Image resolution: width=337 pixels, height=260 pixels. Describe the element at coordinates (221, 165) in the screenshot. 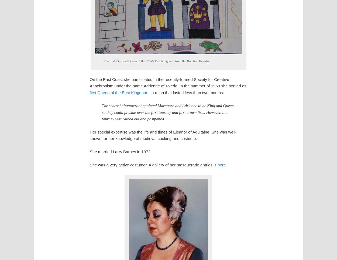

I see `'here'` at that location.